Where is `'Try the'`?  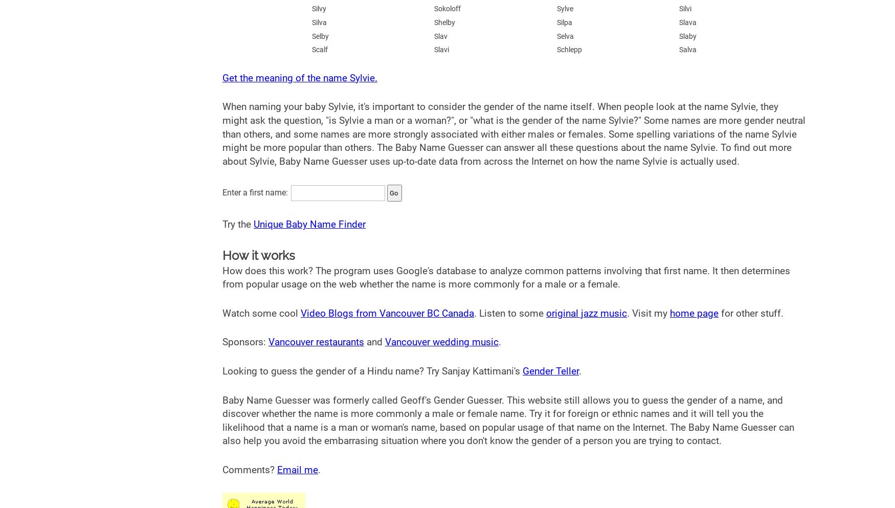
'Try the' is located at coordinates (222, 224).